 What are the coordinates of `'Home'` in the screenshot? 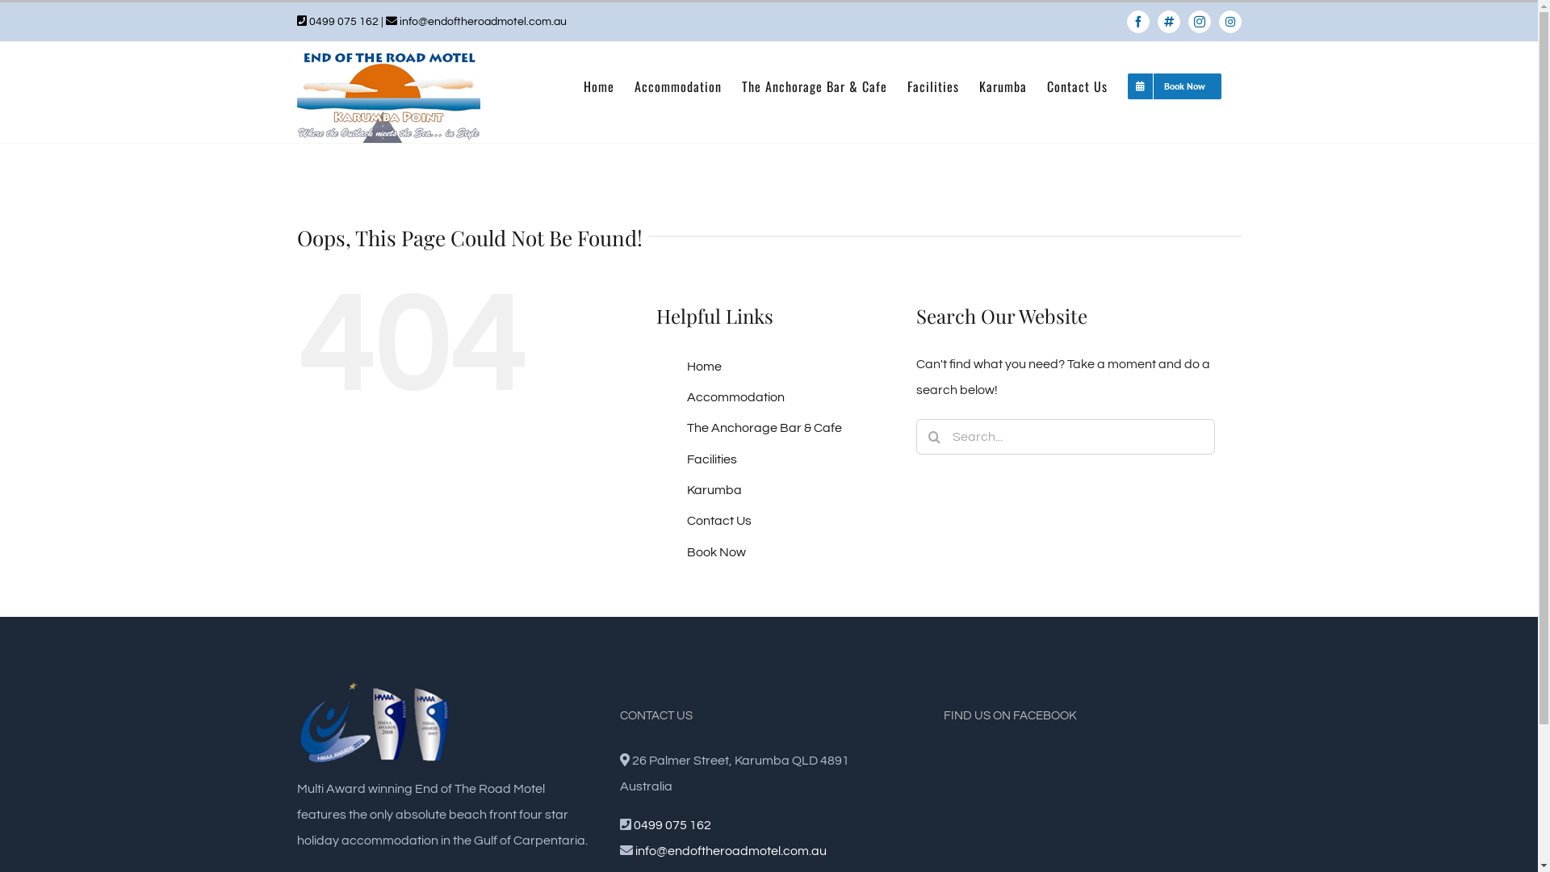 It's located at (597, 86).